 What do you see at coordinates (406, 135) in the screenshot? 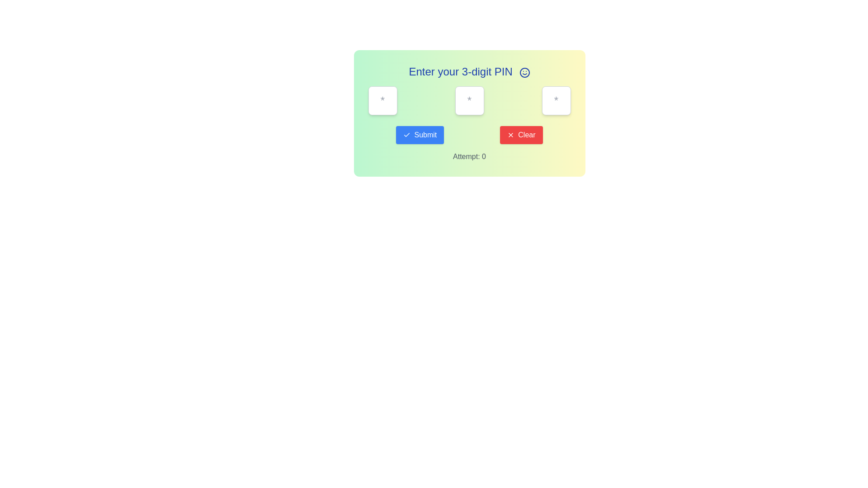
I see `the SVG graphic of a checkmark located within the 'Submit' button, which is situated immediately to the left of the text 'Submit' at the center of the button area` at bounding box center [406, 135].